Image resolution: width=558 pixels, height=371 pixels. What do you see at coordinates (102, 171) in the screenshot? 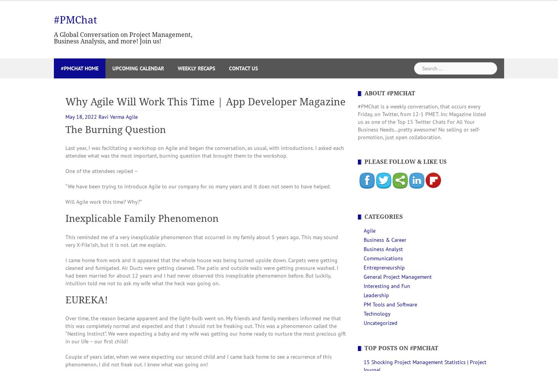
I see `'One of the attendees replied –'` at bounding box center [102, 171].